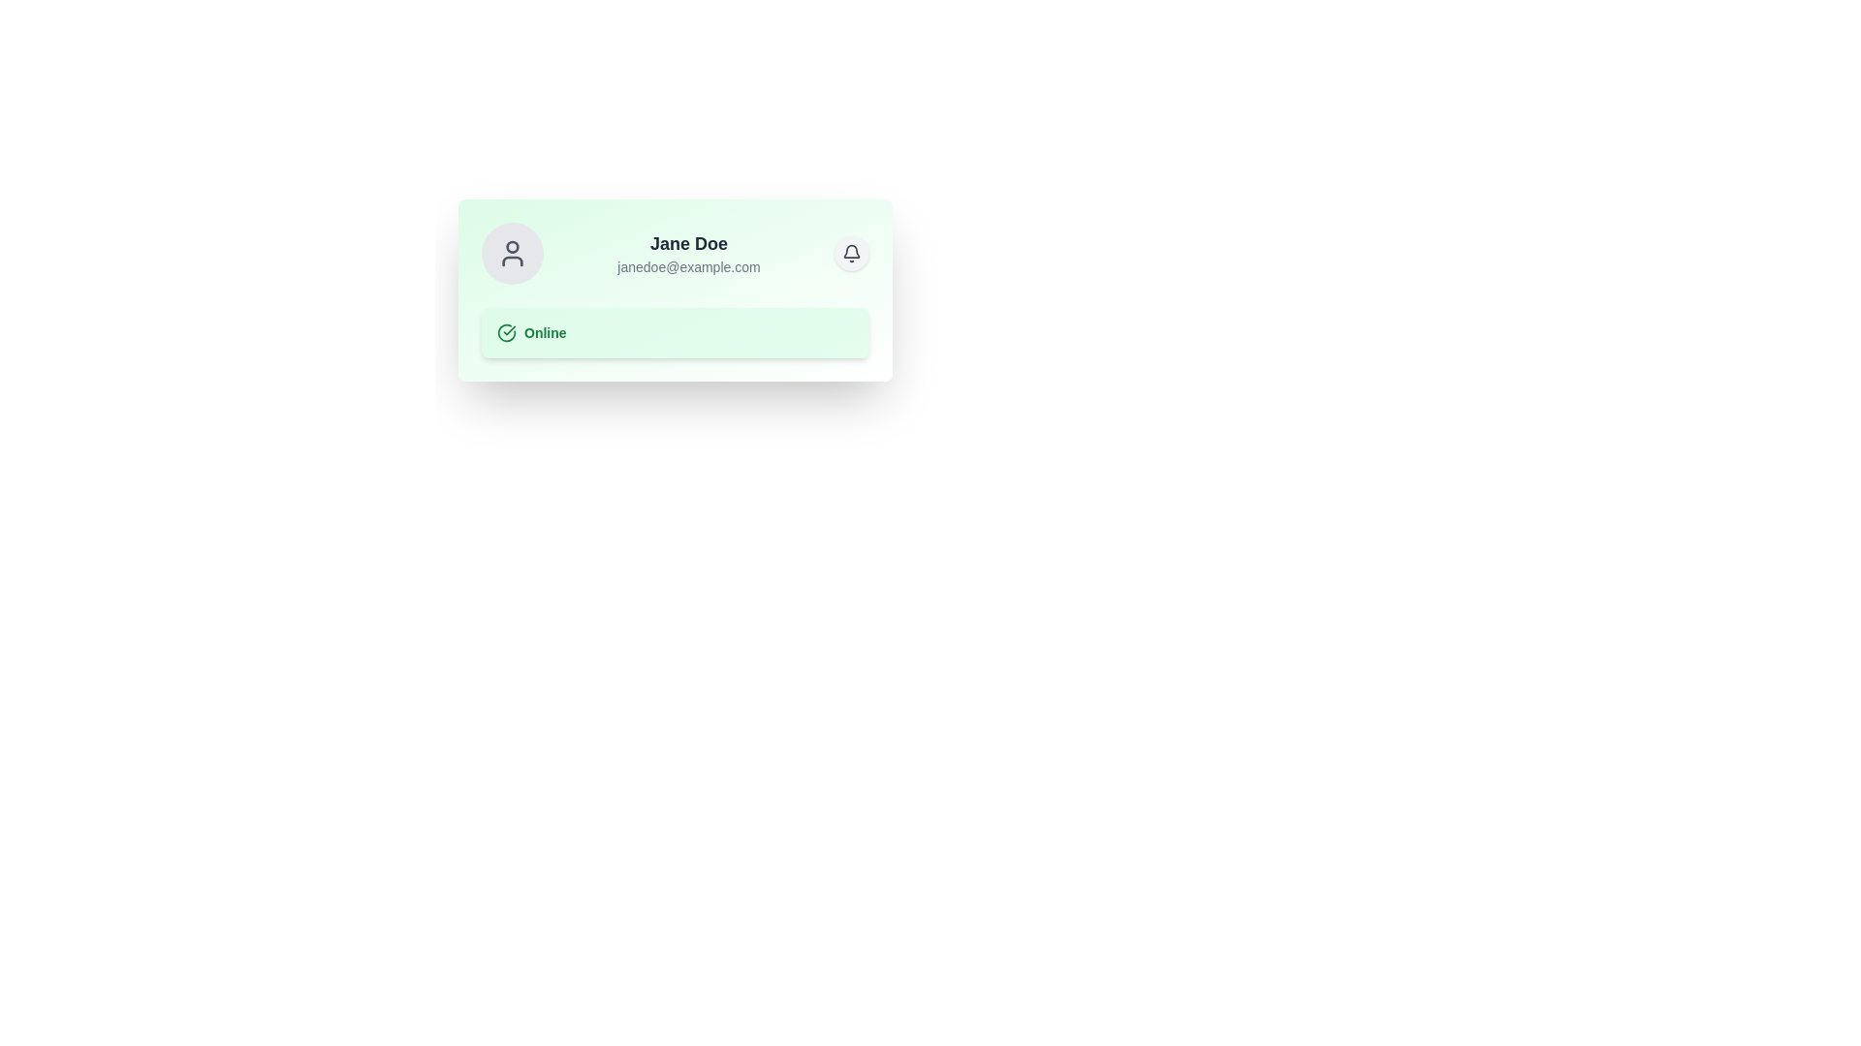  I want to click on the circular checkmark icon that indicates a positive status, located within the 'Online' status label, positioned to the left of the text 'Online', so click(507, 331).